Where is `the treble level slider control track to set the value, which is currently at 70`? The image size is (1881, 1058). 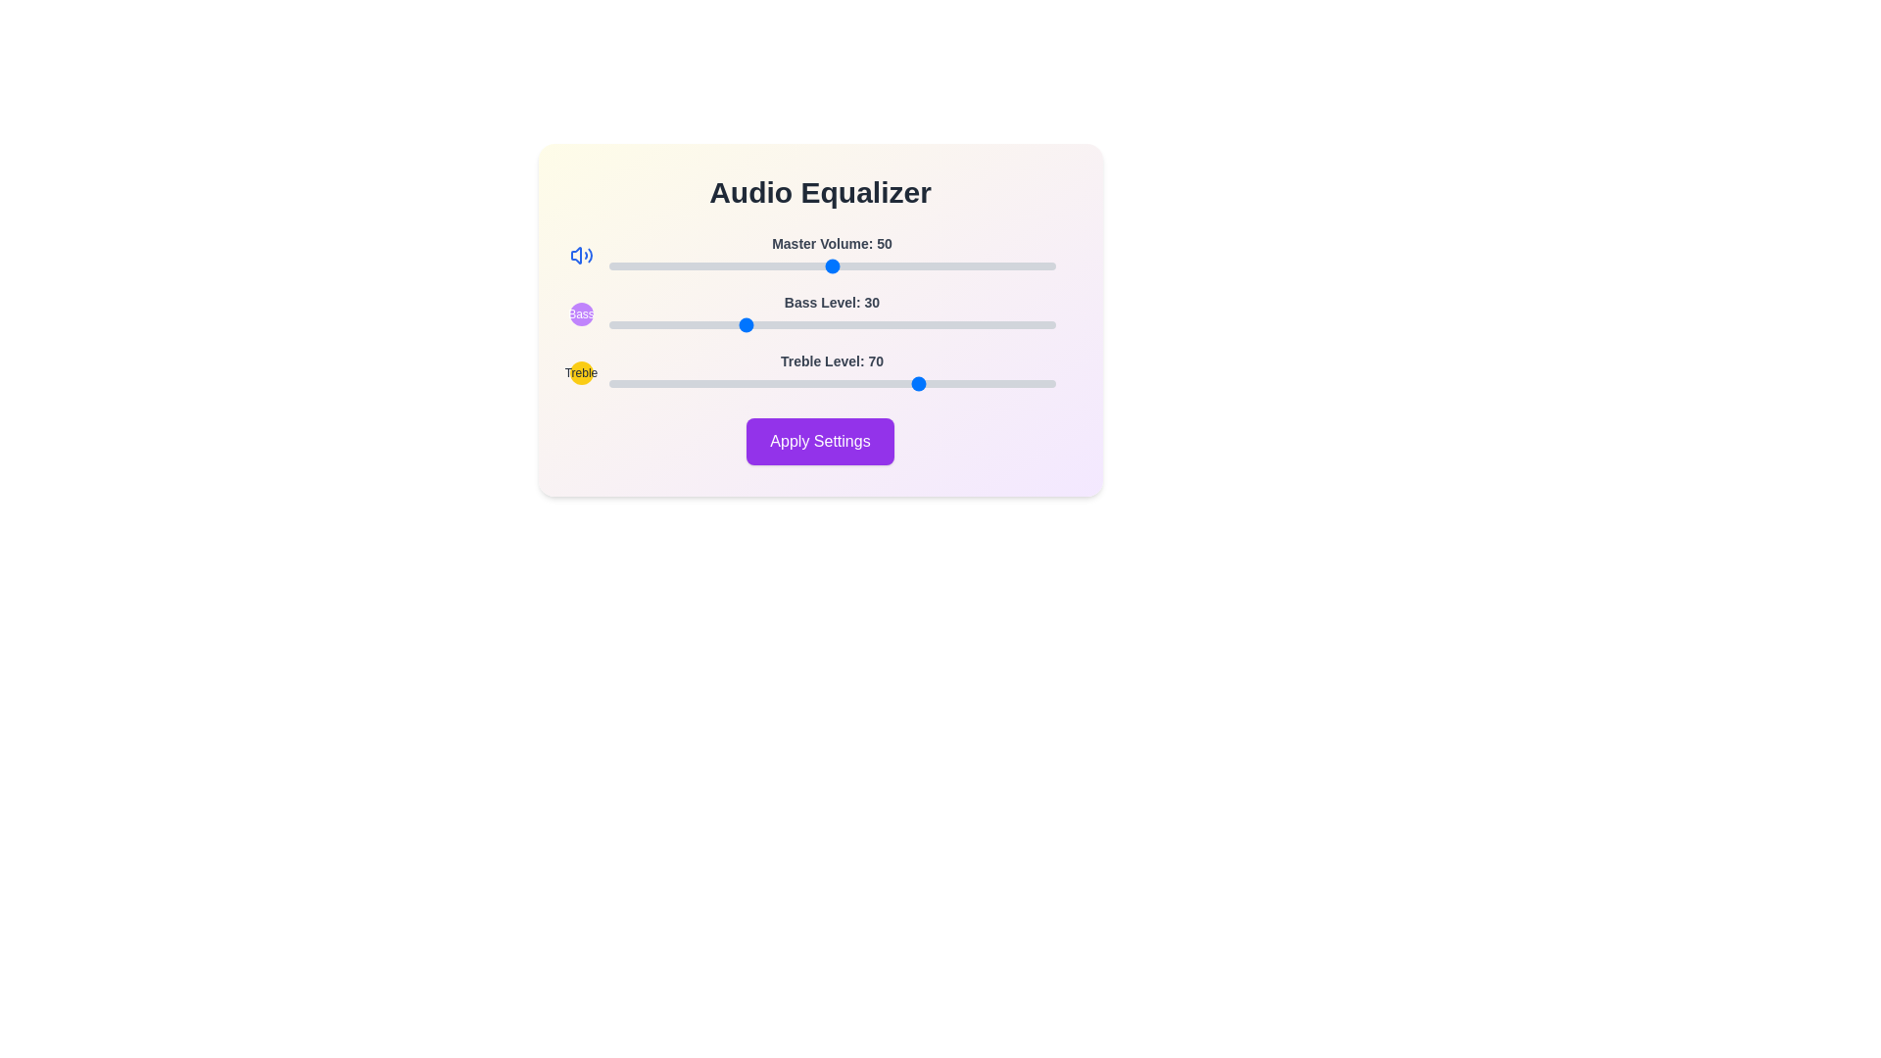 the treble level slider control track to set the value, which is currently at 70 is located at coordinates (832, 384).